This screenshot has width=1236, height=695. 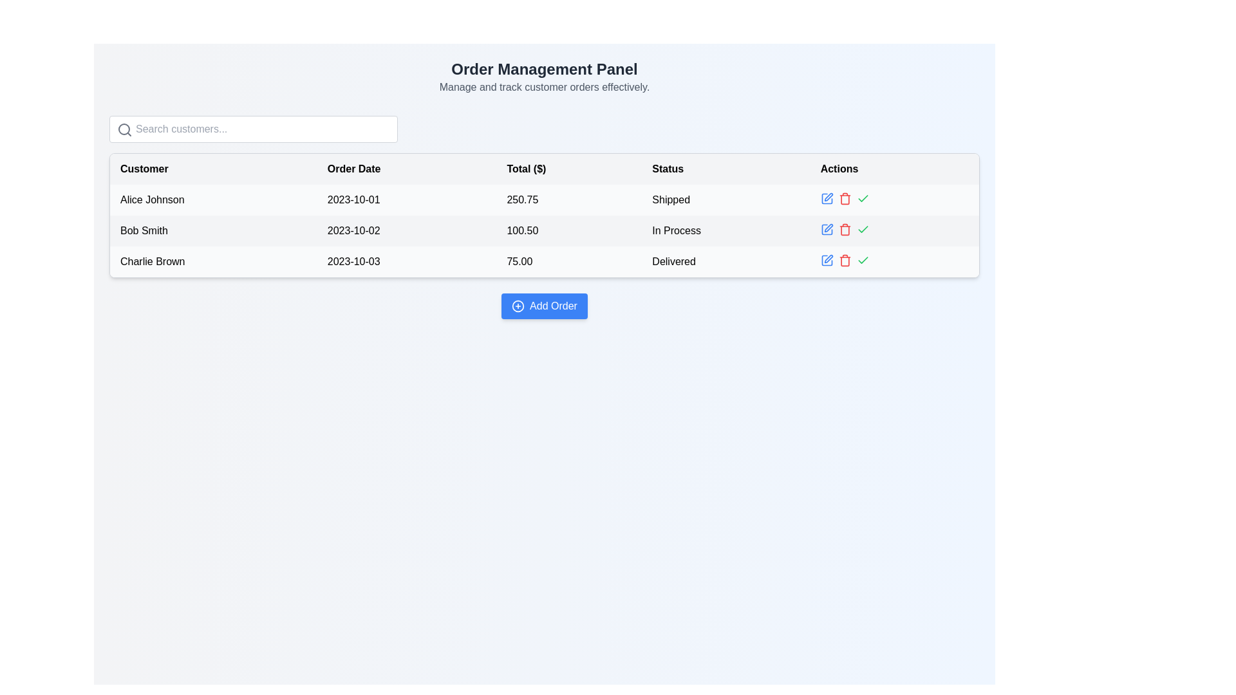 What do you see at coordinates (544, 77) in the screenshot?
I see `the Header component titled 'Order Management Panel' with the subtitle 'Manage and track customer orders effectively.'` at bounding box center [544, 77].